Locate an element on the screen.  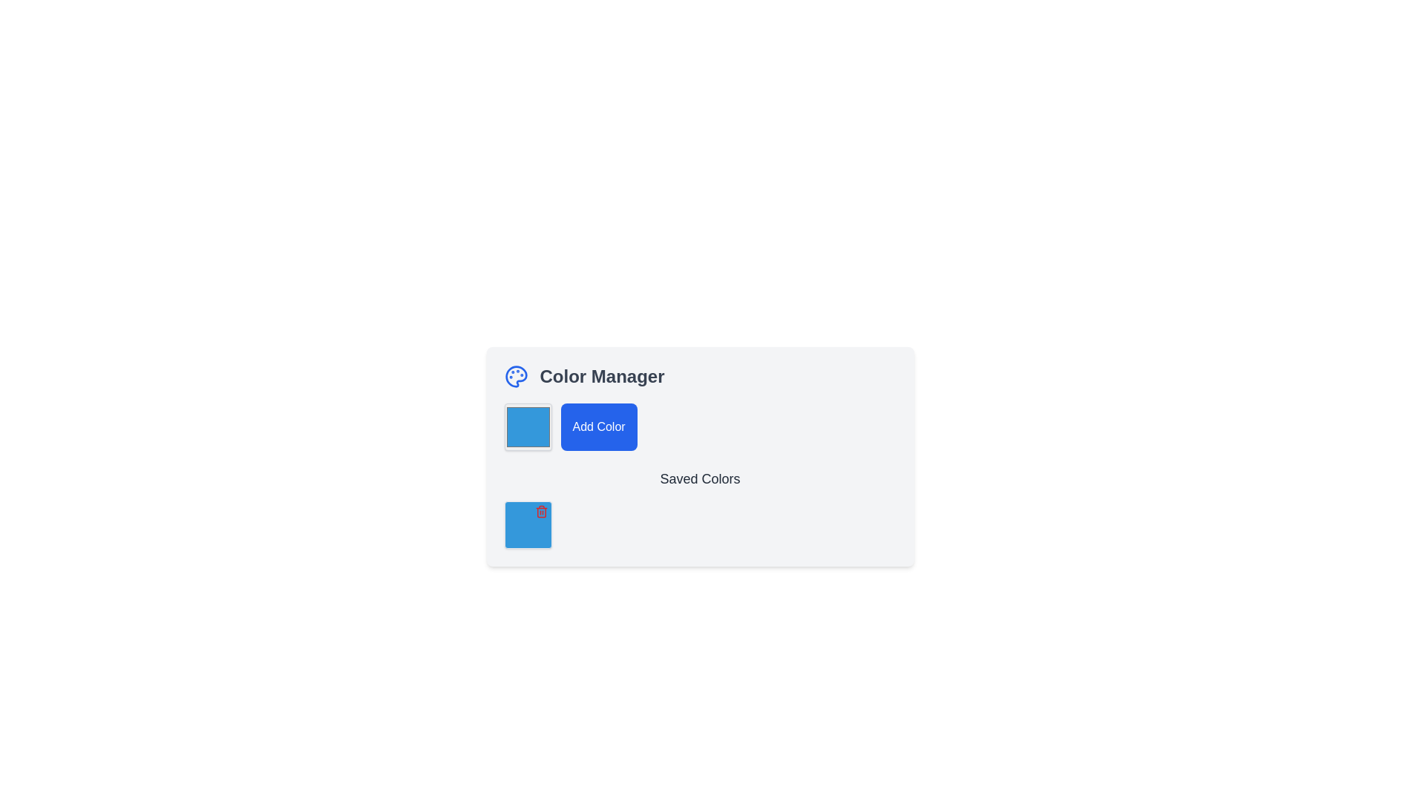
the trash icon located in the top-right corner of the blue rectangular button within the 'Saved Colors' section is located at coordinates (540, 511).